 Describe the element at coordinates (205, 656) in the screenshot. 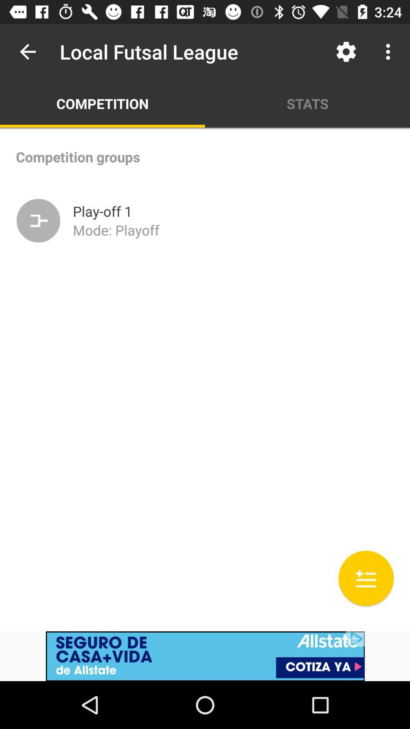

I see `advertisement` at that location.